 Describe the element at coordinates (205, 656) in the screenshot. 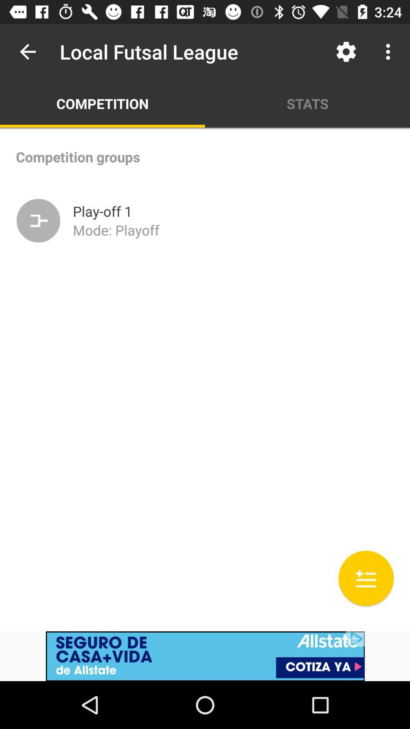

I see `advertisement` at that location.